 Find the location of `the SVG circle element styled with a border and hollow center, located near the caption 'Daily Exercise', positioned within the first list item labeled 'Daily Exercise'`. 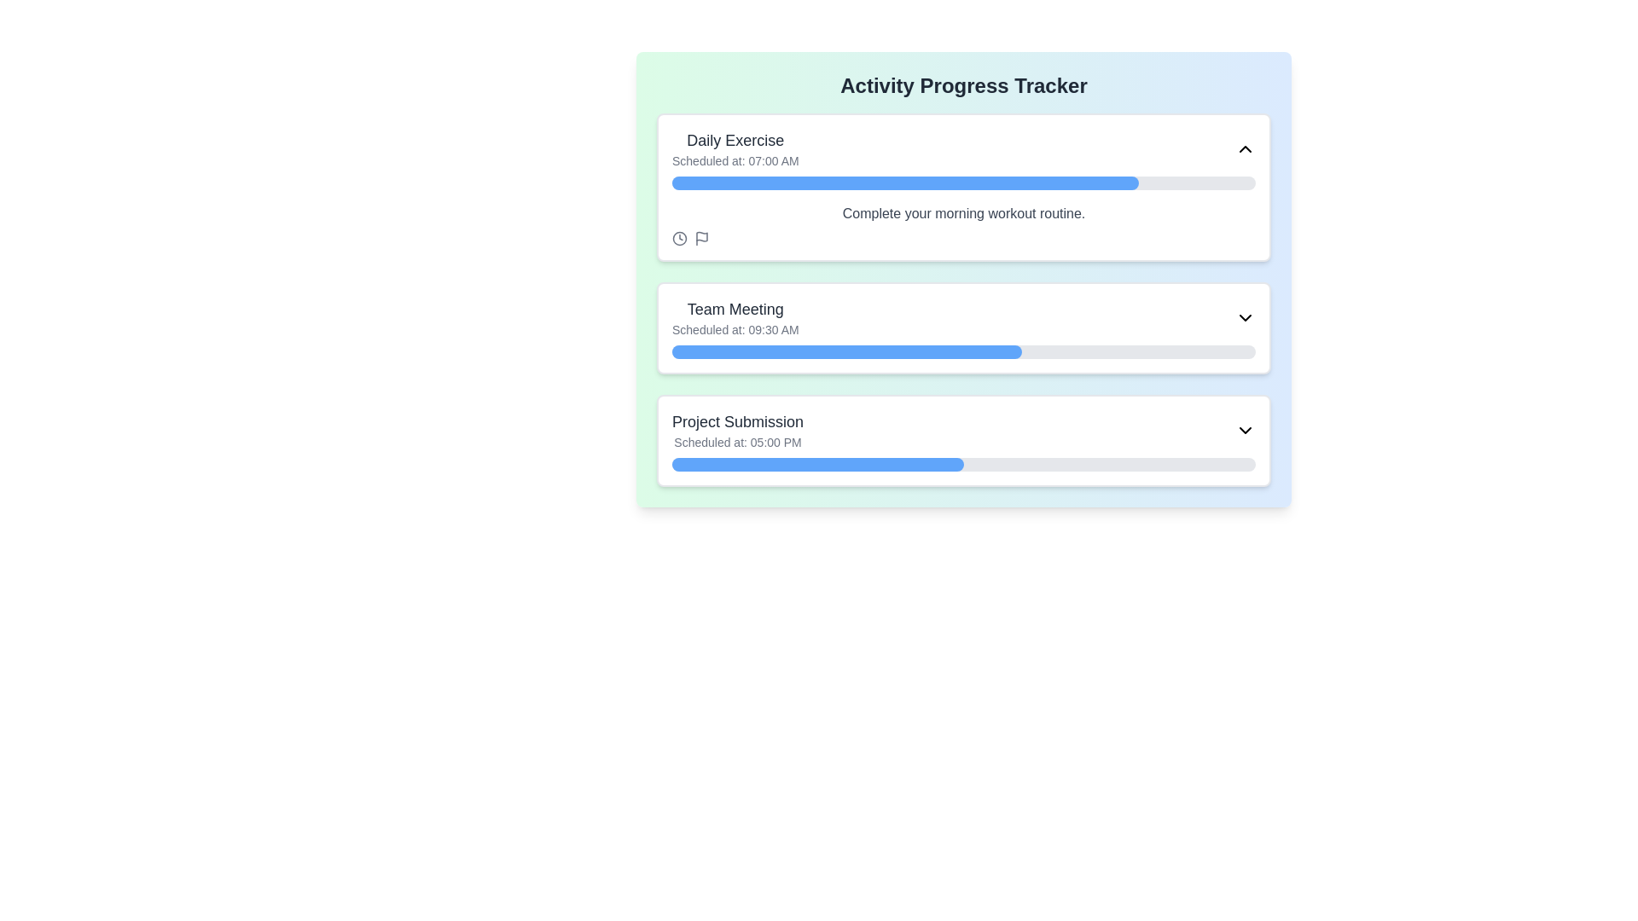

the SVG circle element styled with a border and hollow center, located near the caption 'Daily Exercise', positioned within the first list item labeled 'Daily Exercise' is located at coordinates (678, 239).